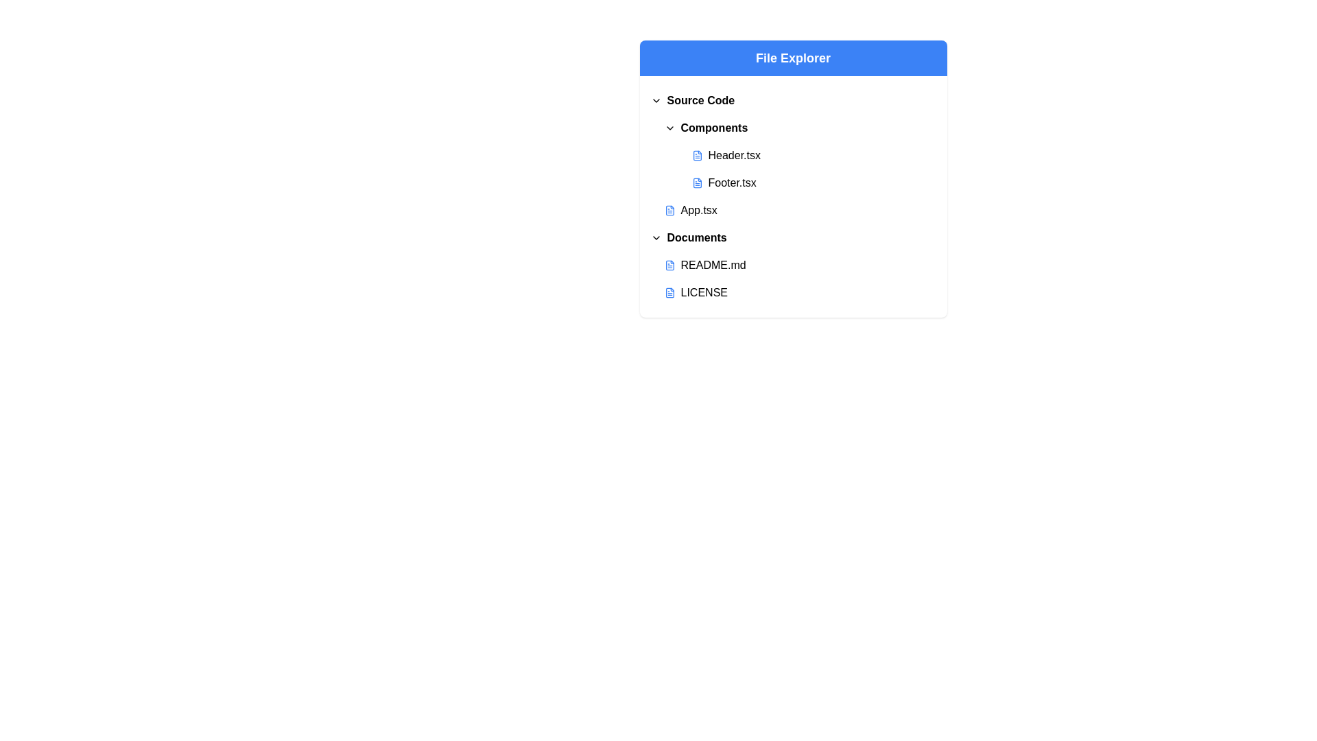  I want to click on the 'Components' collapsible folder node in the file explorer, so click(800, 128).